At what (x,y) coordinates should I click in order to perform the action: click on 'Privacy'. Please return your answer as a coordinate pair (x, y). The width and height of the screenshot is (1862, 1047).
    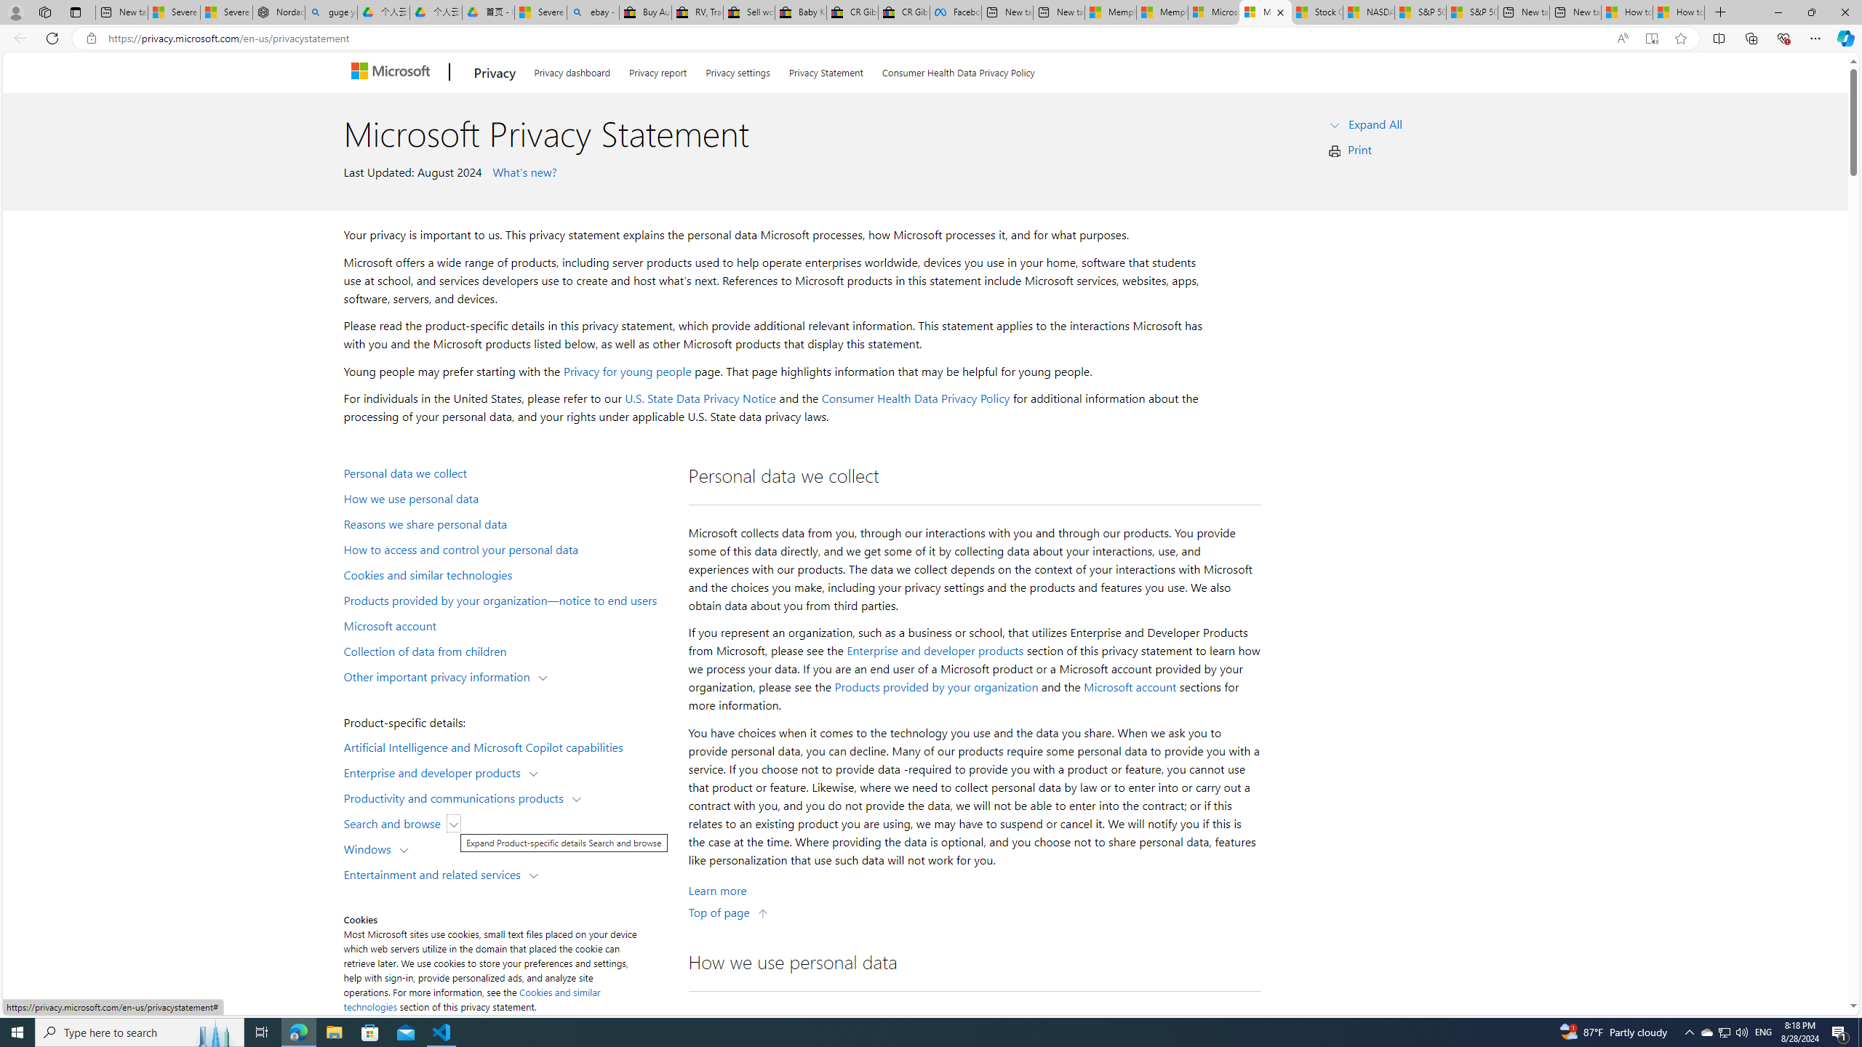
    Looking at the image, I should click on (493, 72).